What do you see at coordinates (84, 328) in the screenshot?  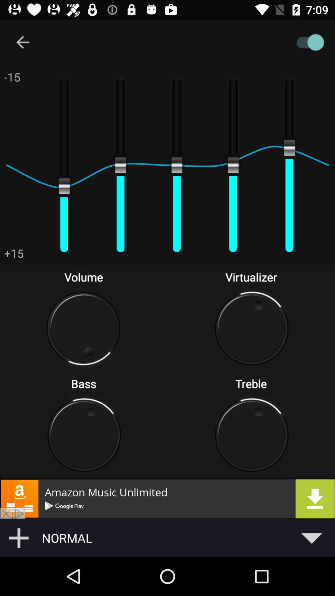 I see `the volume button` at bounding box center [84, 328].